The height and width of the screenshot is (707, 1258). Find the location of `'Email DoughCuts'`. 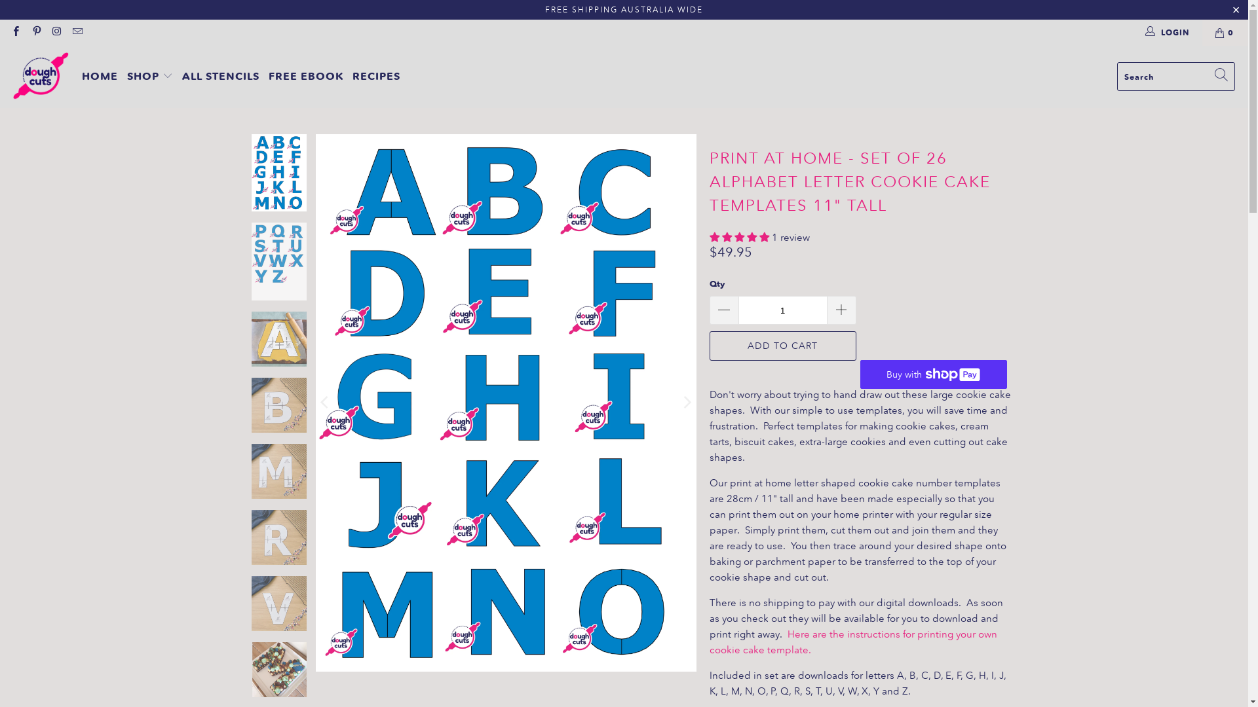

'Email DoughCuts' is located at coordinates (76, 31).